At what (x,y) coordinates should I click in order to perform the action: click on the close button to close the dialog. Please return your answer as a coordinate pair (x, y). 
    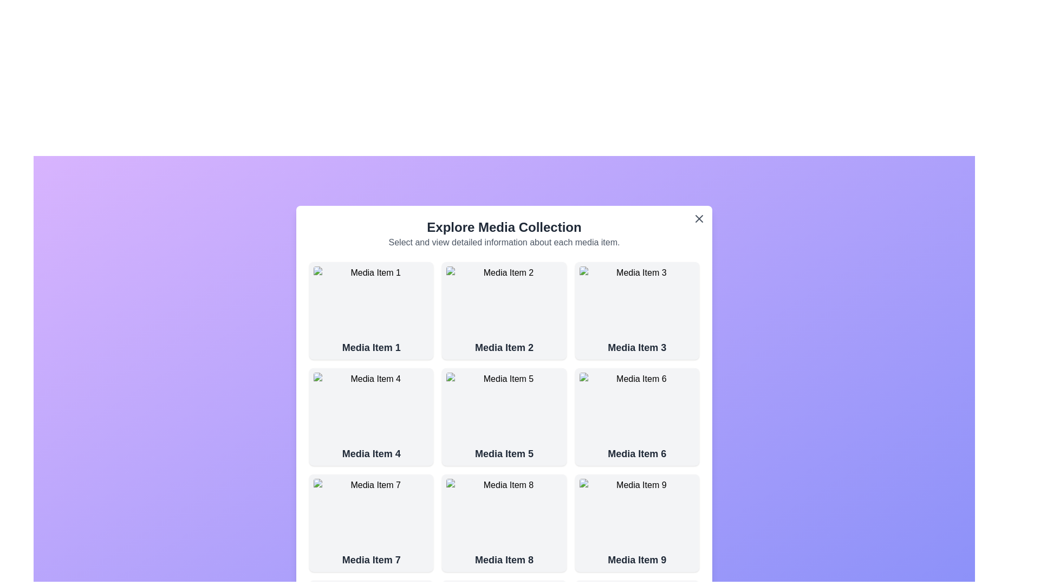
    Looking at the image, I should click on (699, 219).